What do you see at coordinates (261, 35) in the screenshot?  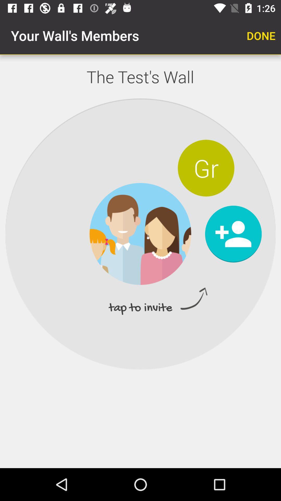 I see `app next to your wall s item` at bounding box center [261, 35].